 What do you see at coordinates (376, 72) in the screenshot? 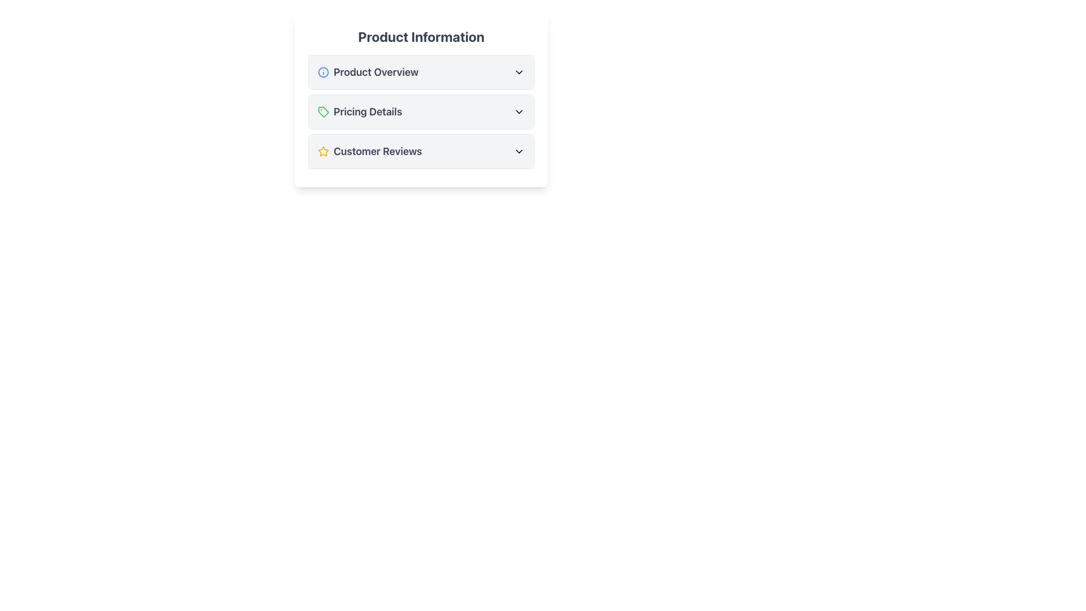
I see `the 'Product Overview' text label, which is styled in a large, bold, dark gray font and is the second item in the 'Product Information' section` at bounding box center [376, 72].